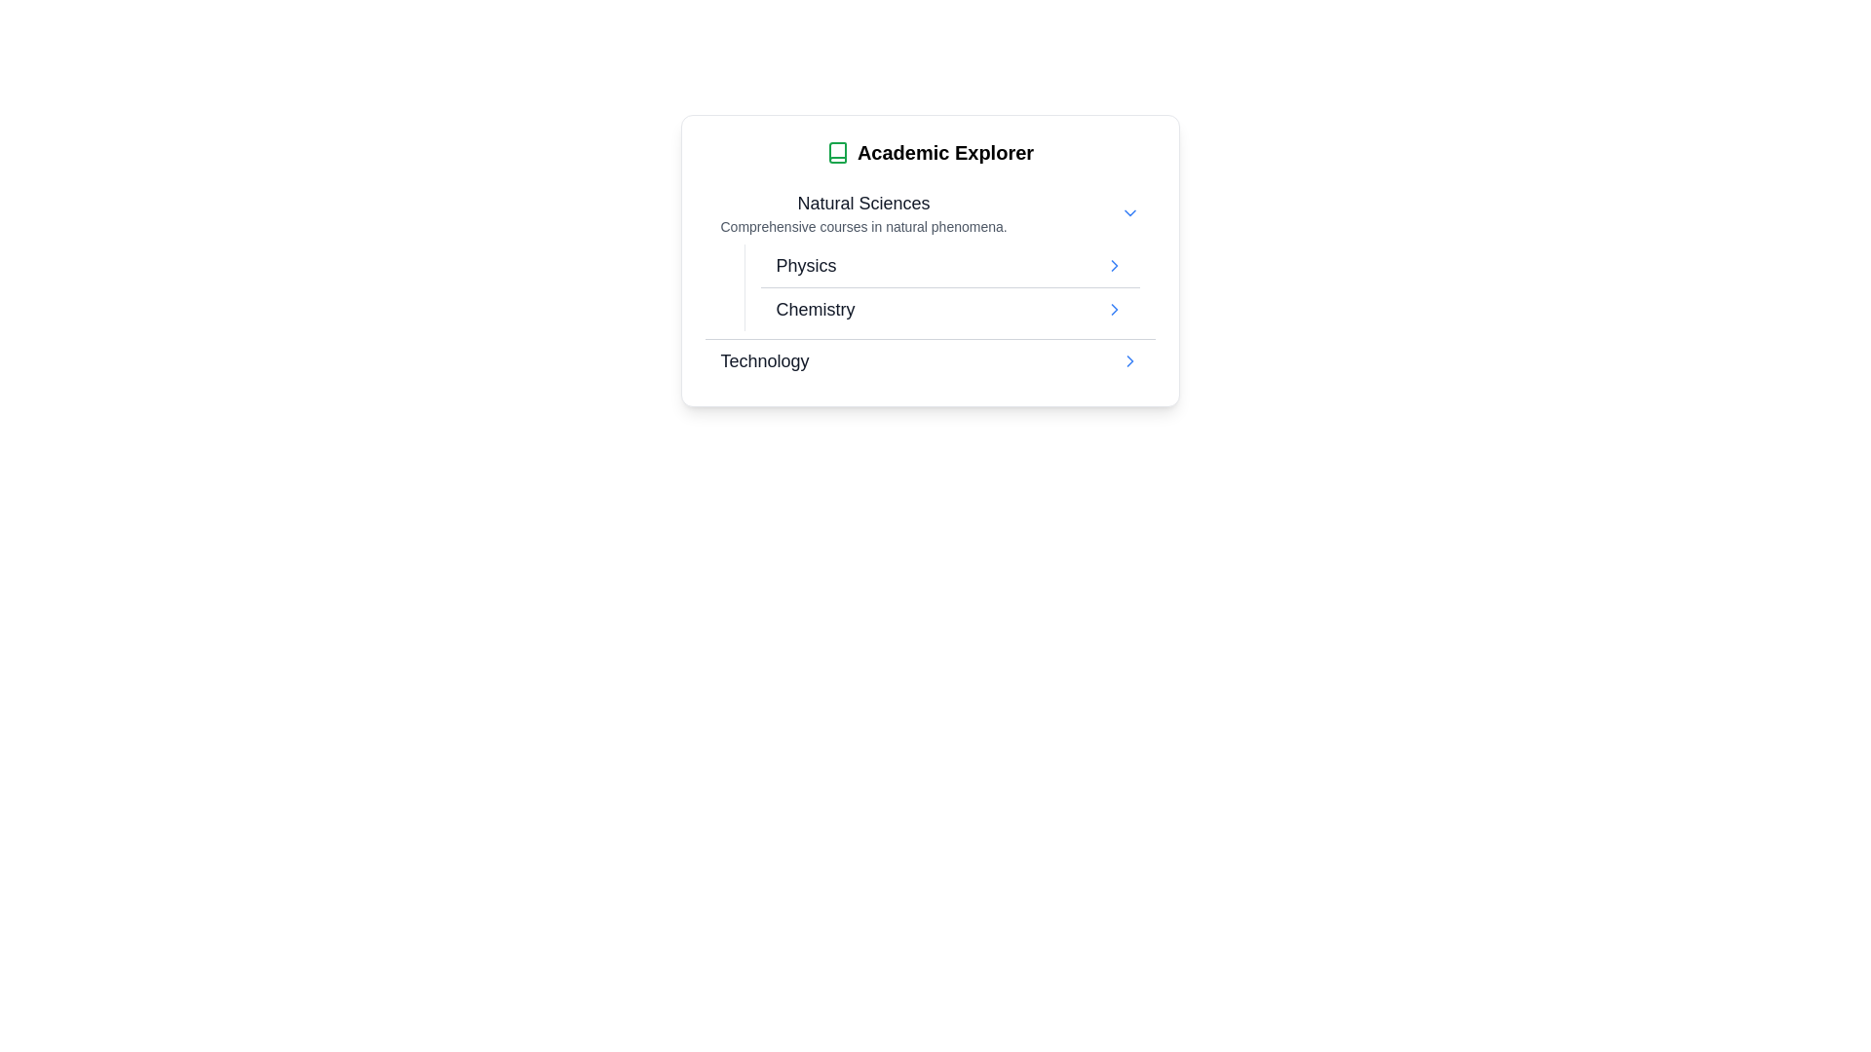 The height and width of the screenshot is (1052, 1871). What do you see at coordinates (1114, 308) in the screenshot?
I see `the chevron icon button located to the right of the 'Chemistry' text` at bounding box center [1114, 308].